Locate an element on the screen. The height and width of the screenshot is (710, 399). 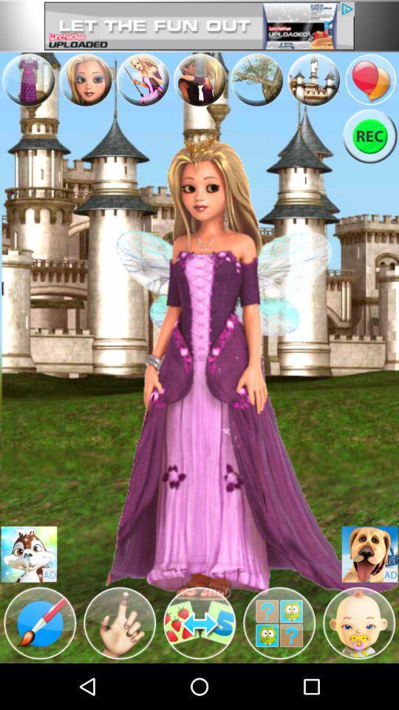
choose caracterer is located at coordinates (29, 553).